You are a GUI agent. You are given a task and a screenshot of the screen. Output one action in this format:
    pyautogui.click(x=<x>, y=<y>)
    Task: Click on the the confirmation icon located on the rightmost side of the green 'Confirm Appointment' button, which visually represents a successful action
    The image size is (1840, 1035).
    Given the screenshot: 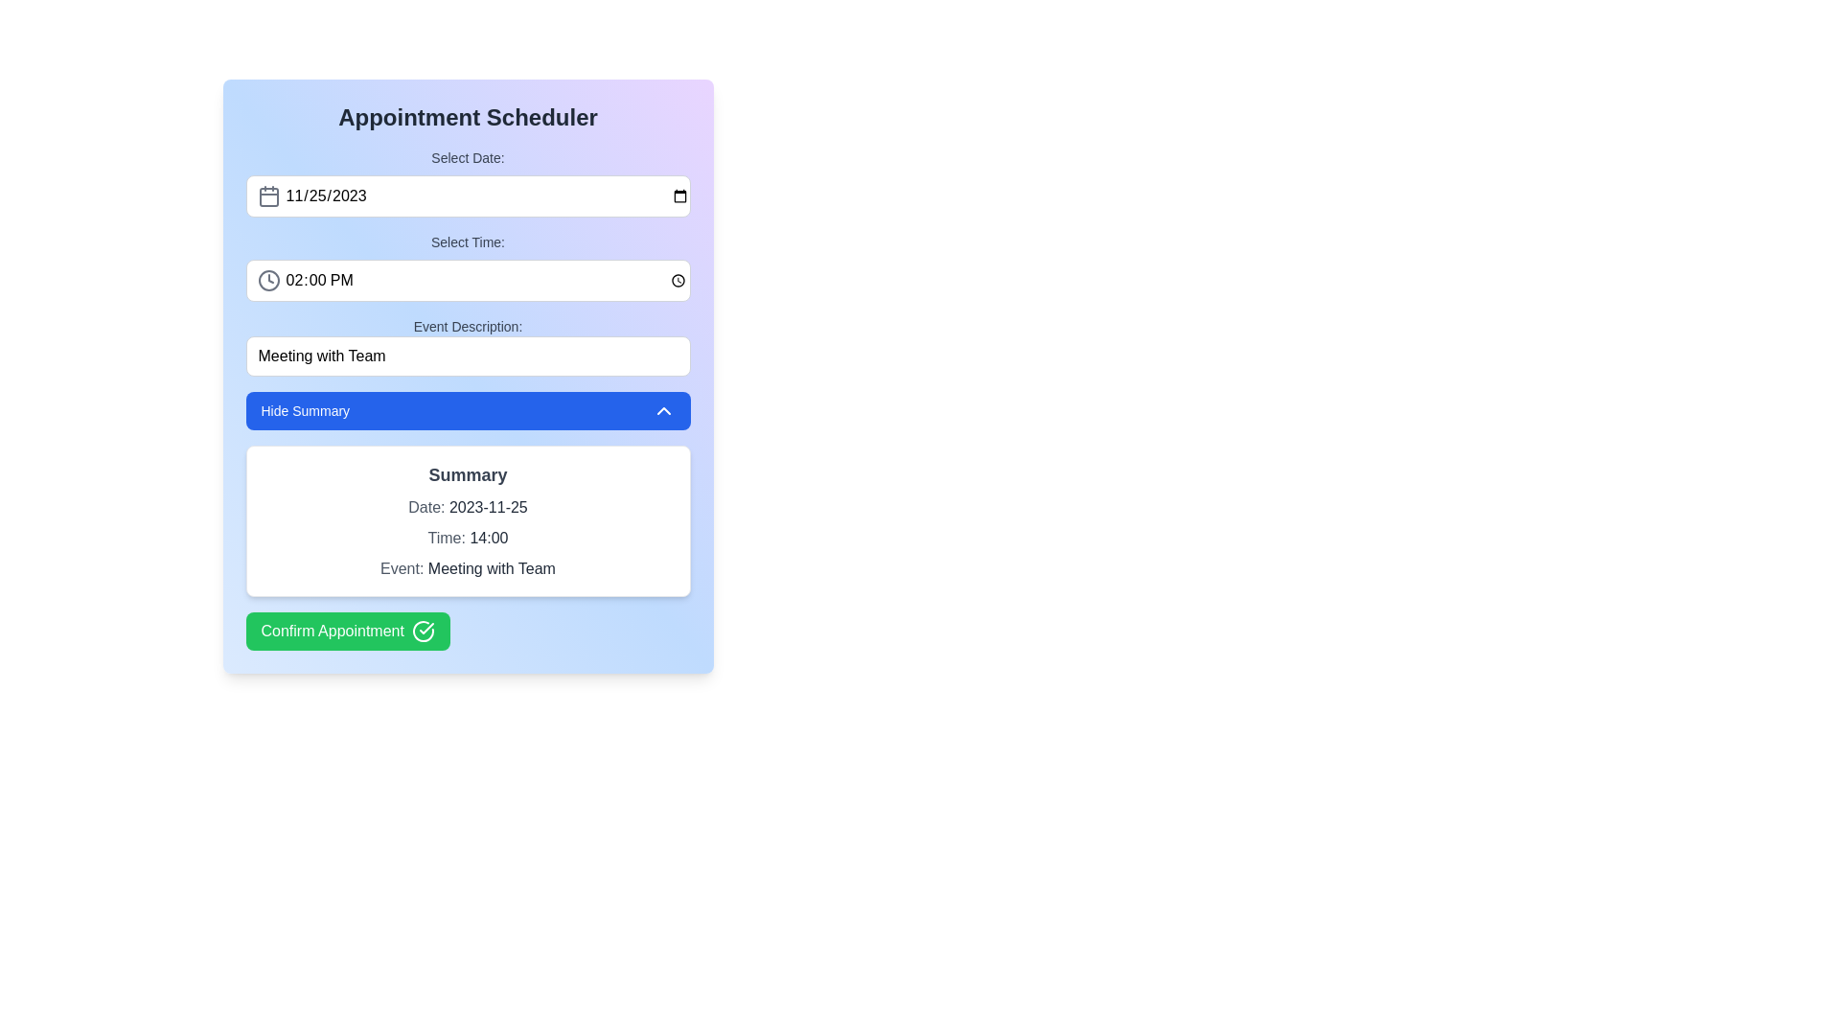 What is the action you would take?
    pyautogui.click(x=422, y=632)
    